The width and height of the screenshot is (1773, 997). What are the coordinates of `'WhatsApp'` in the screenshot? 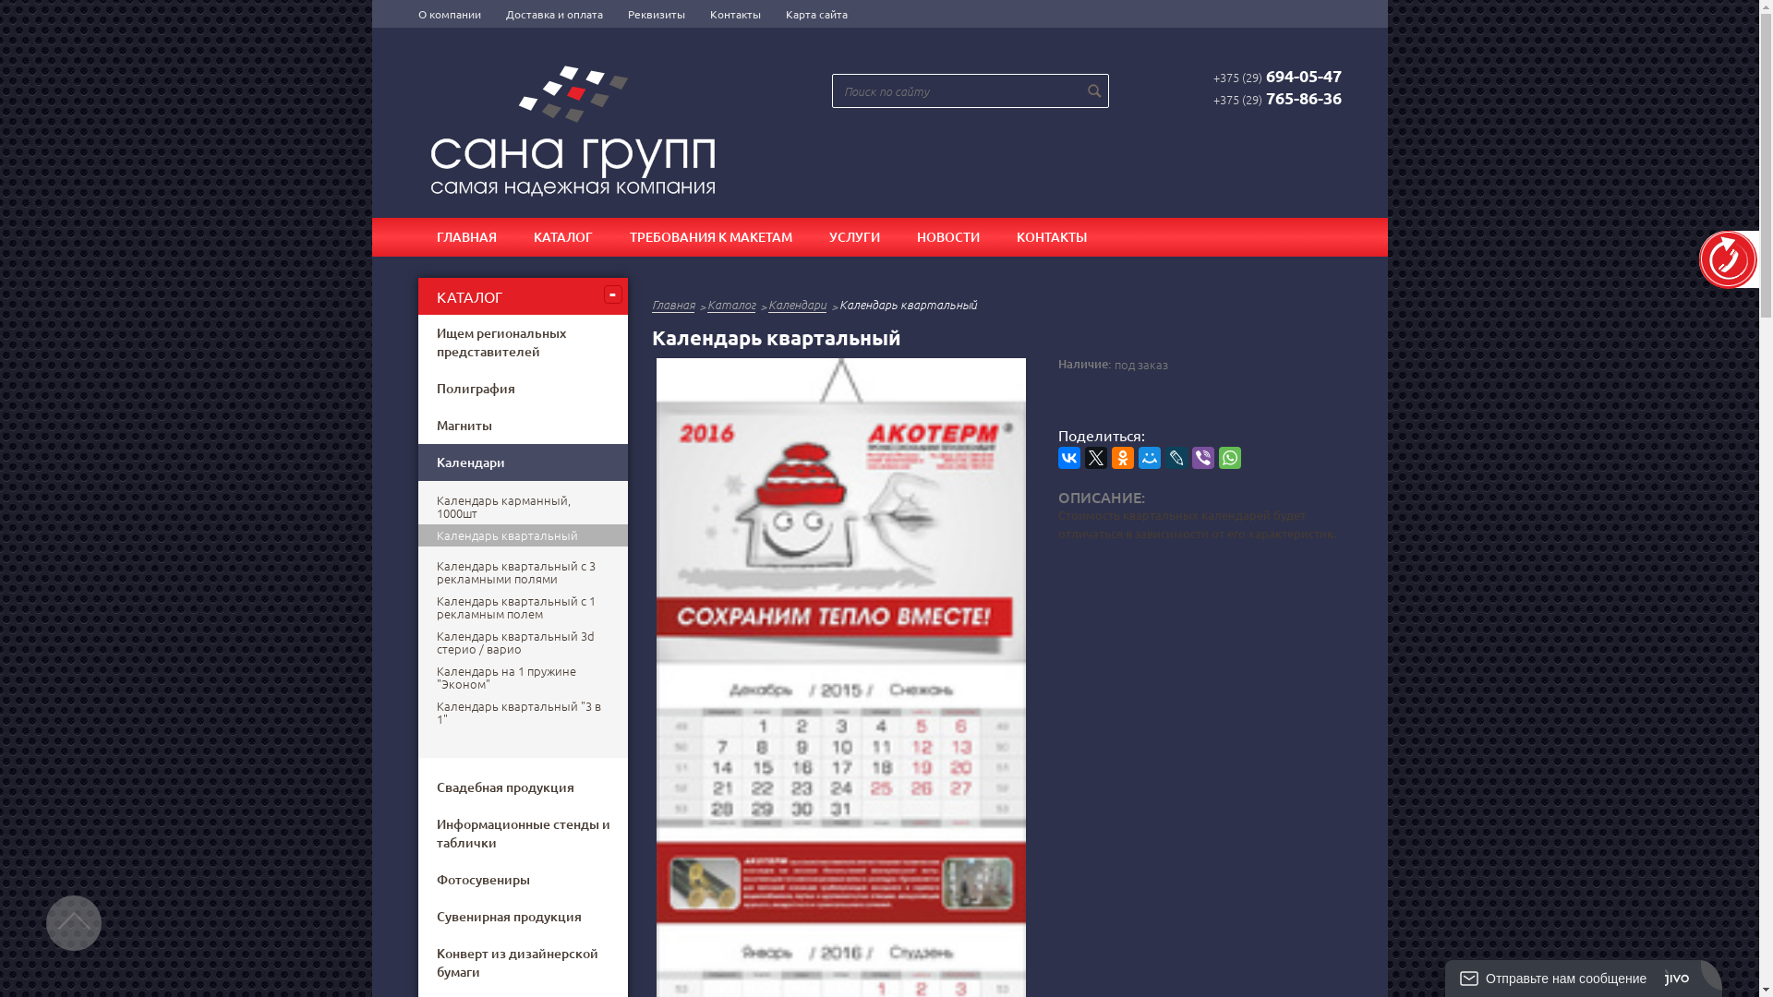 It's located at (1219, 457).